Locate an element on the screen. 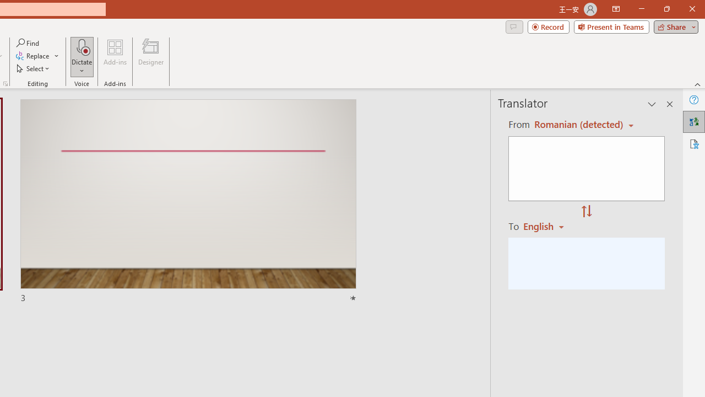 Image resolution: width=705 pixels, height=397 pixels. 'Replace...' is located at coordinates (38, 56).